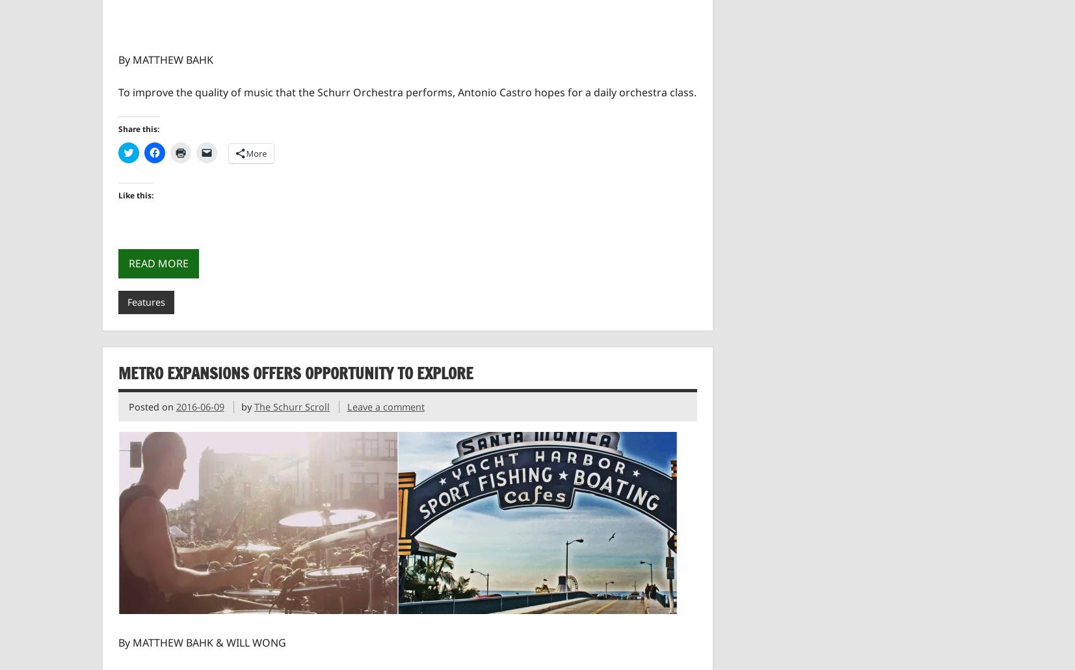 Image resolution: width=1075 pixels, height=670 pixels. I want to click on 'Posted on', so click(127, 406).